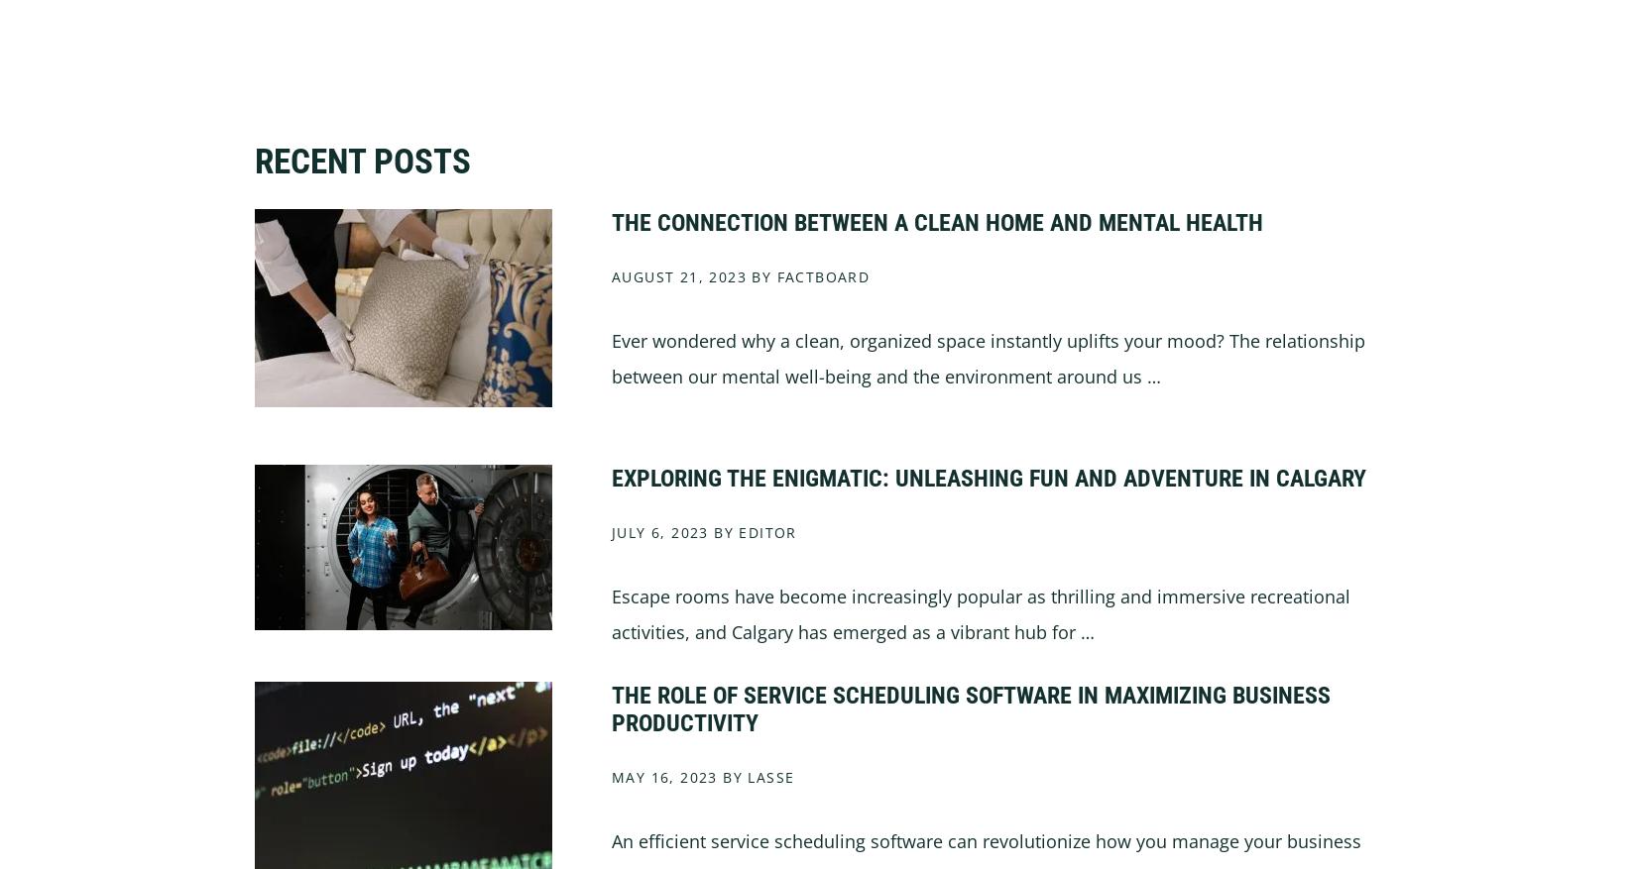 The image size is (1636, 869). Describe the element at coordinates (981, 611) in the screenshot. I see `'Escape rooms have become increasingly popular as thrilling and immersive recreational activities, and Calgary has emerged as a vibrant hub for …'` at that location.